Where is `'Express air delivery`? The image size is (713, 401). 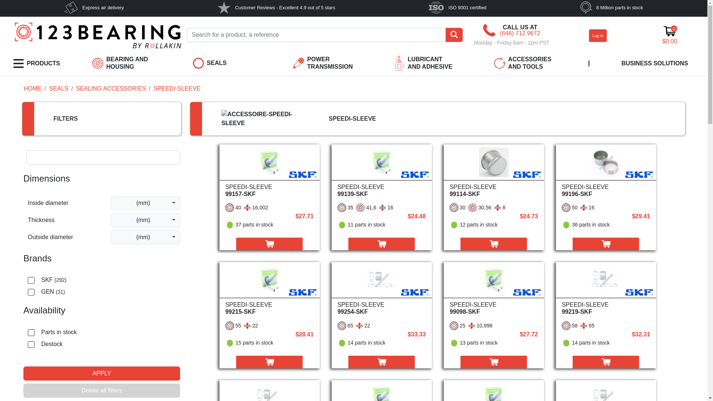 'Express air delivery is located at coordinates (94, 7).